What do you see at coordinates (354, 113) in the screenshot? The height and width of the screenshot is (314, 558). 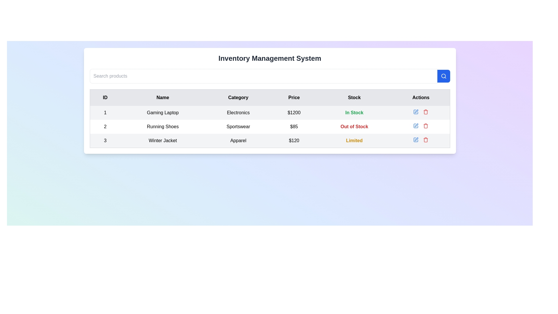 I see `the informative text label that reads 'In Stock' in bold green font, located in the 'Stock' column of the first row for the 'Gaming Laptop' product` at bounding box center [354, 113].